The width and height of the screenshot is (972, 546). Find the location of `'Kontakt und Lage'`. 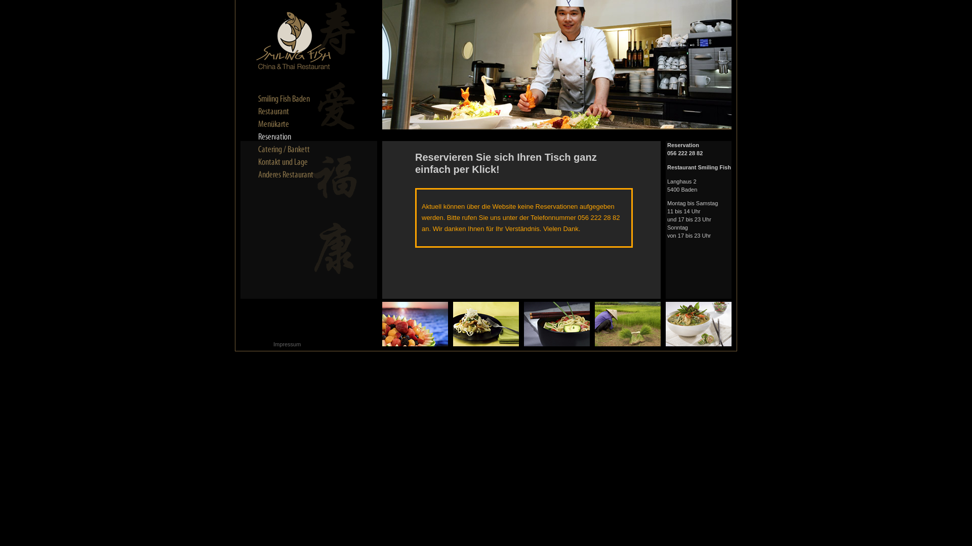

'Kontakt und Lage' is located at coordinates (293, 161).